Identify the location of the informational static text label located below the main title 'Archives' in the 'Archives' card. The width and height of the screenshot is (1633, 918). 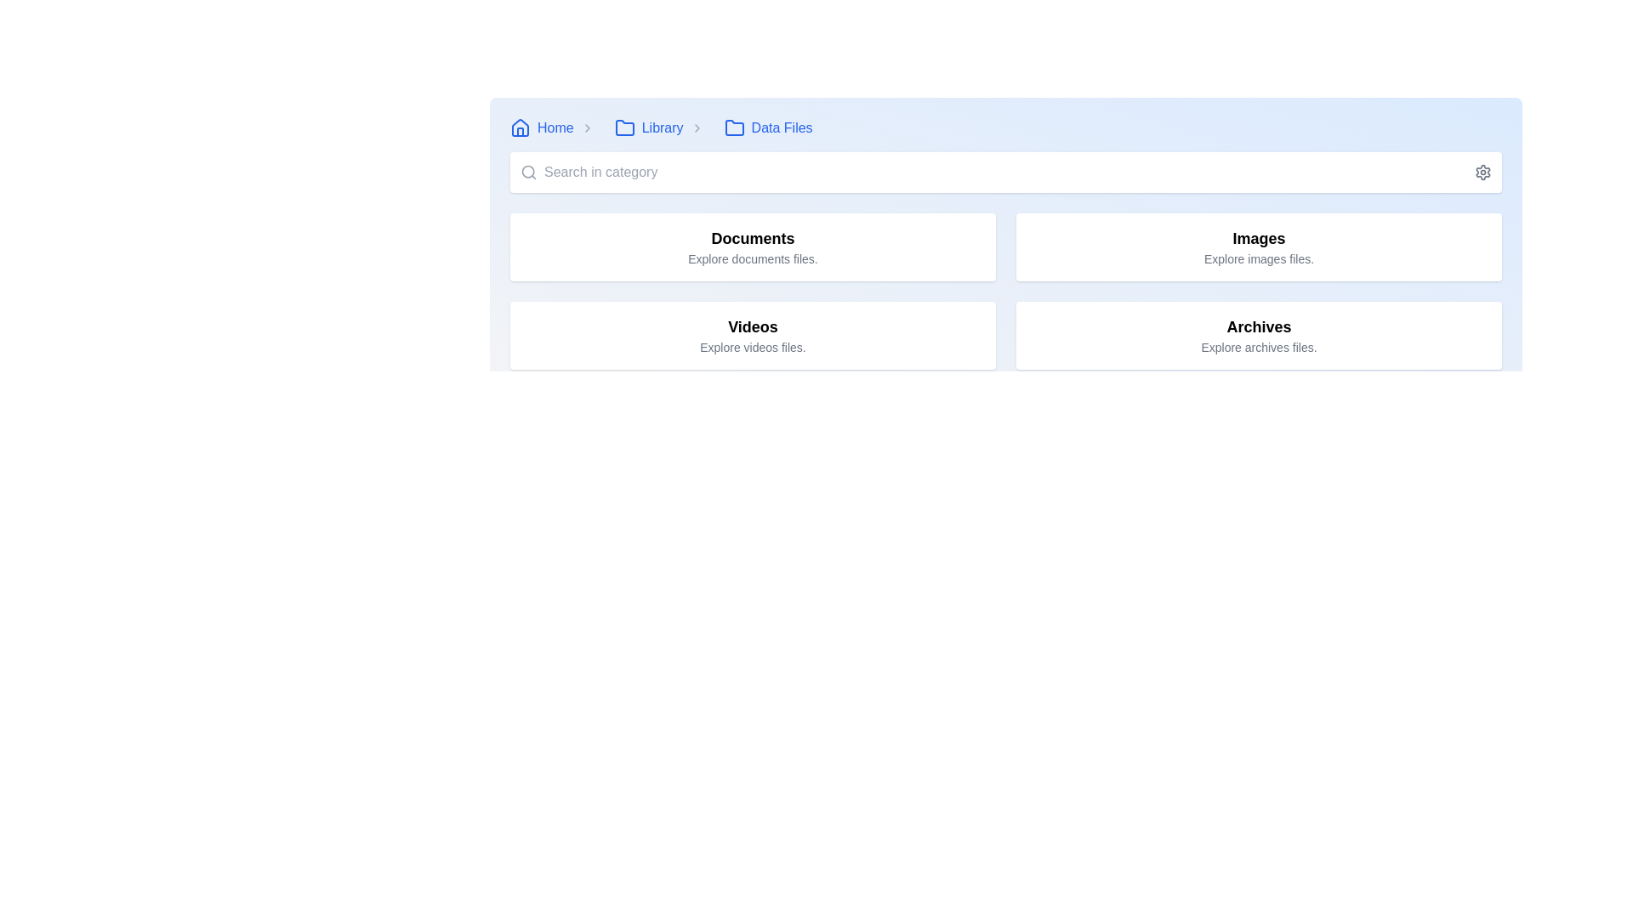
(1259, 346).